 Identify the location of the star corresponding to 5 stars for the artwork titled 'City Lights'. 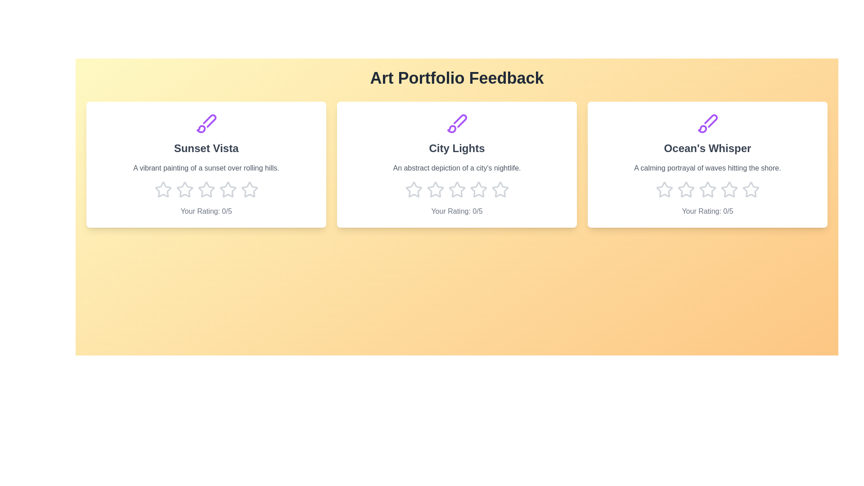
(499, 189).